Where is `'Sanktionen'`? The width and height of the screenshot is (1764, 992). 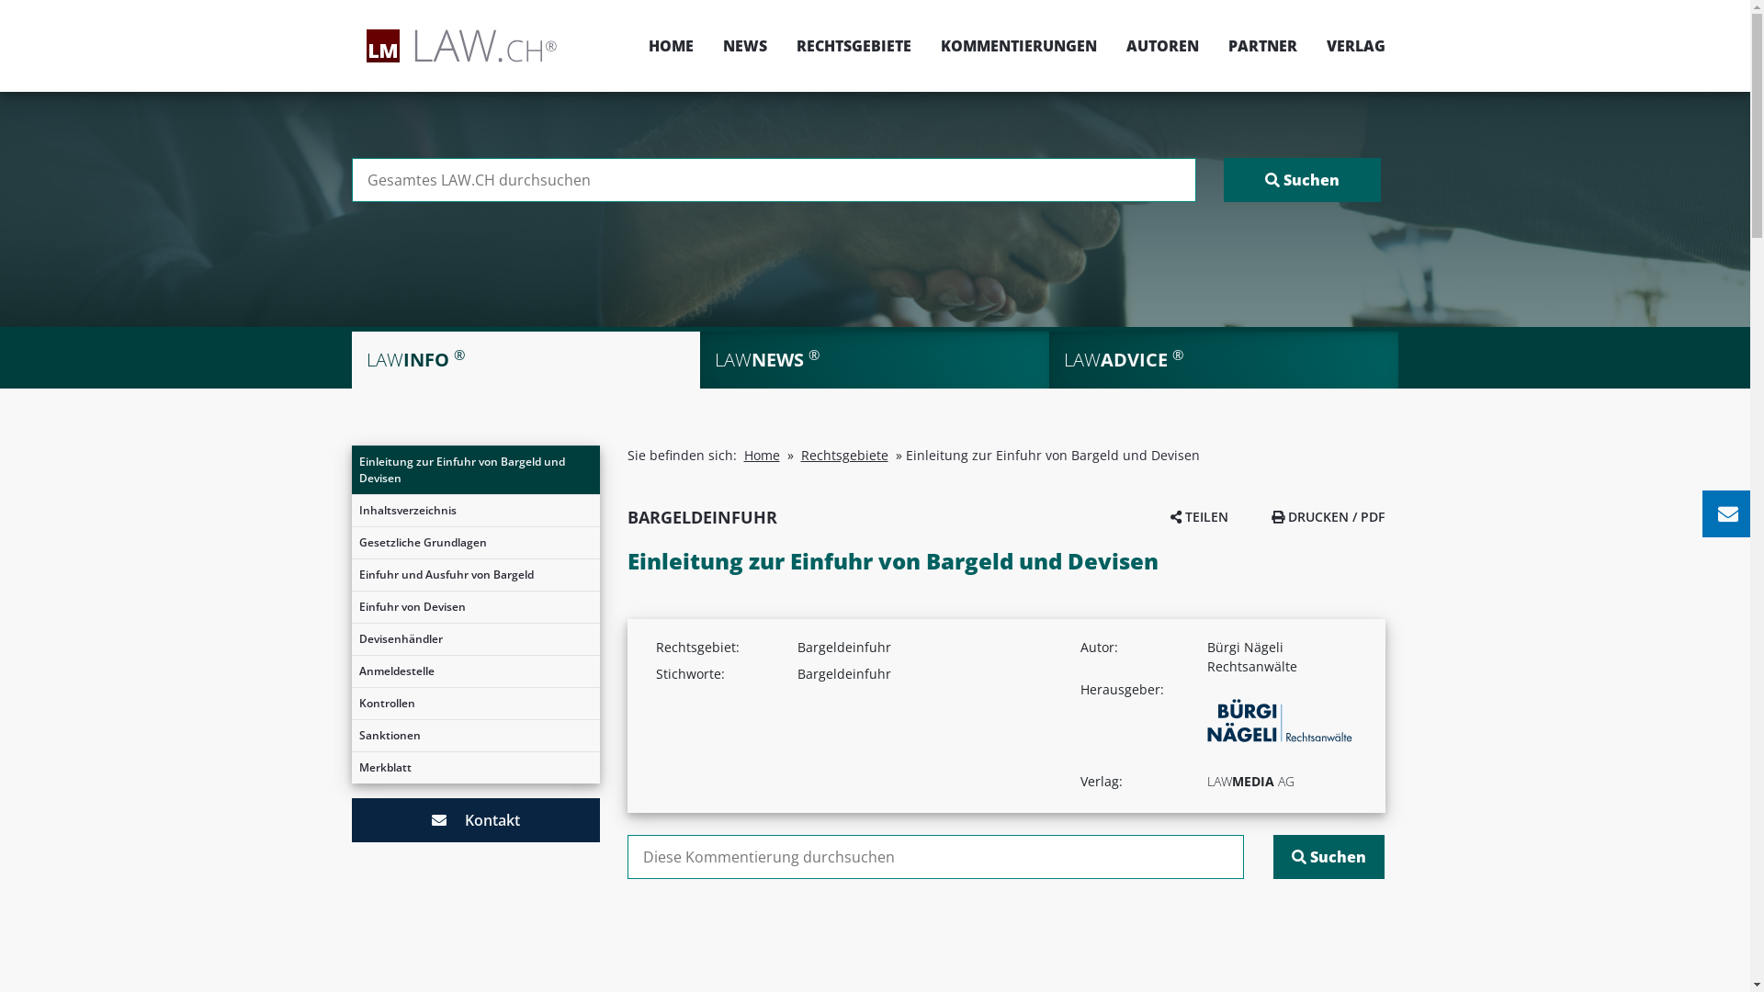 'Sanktionen' is located at coordinates (351, 735).